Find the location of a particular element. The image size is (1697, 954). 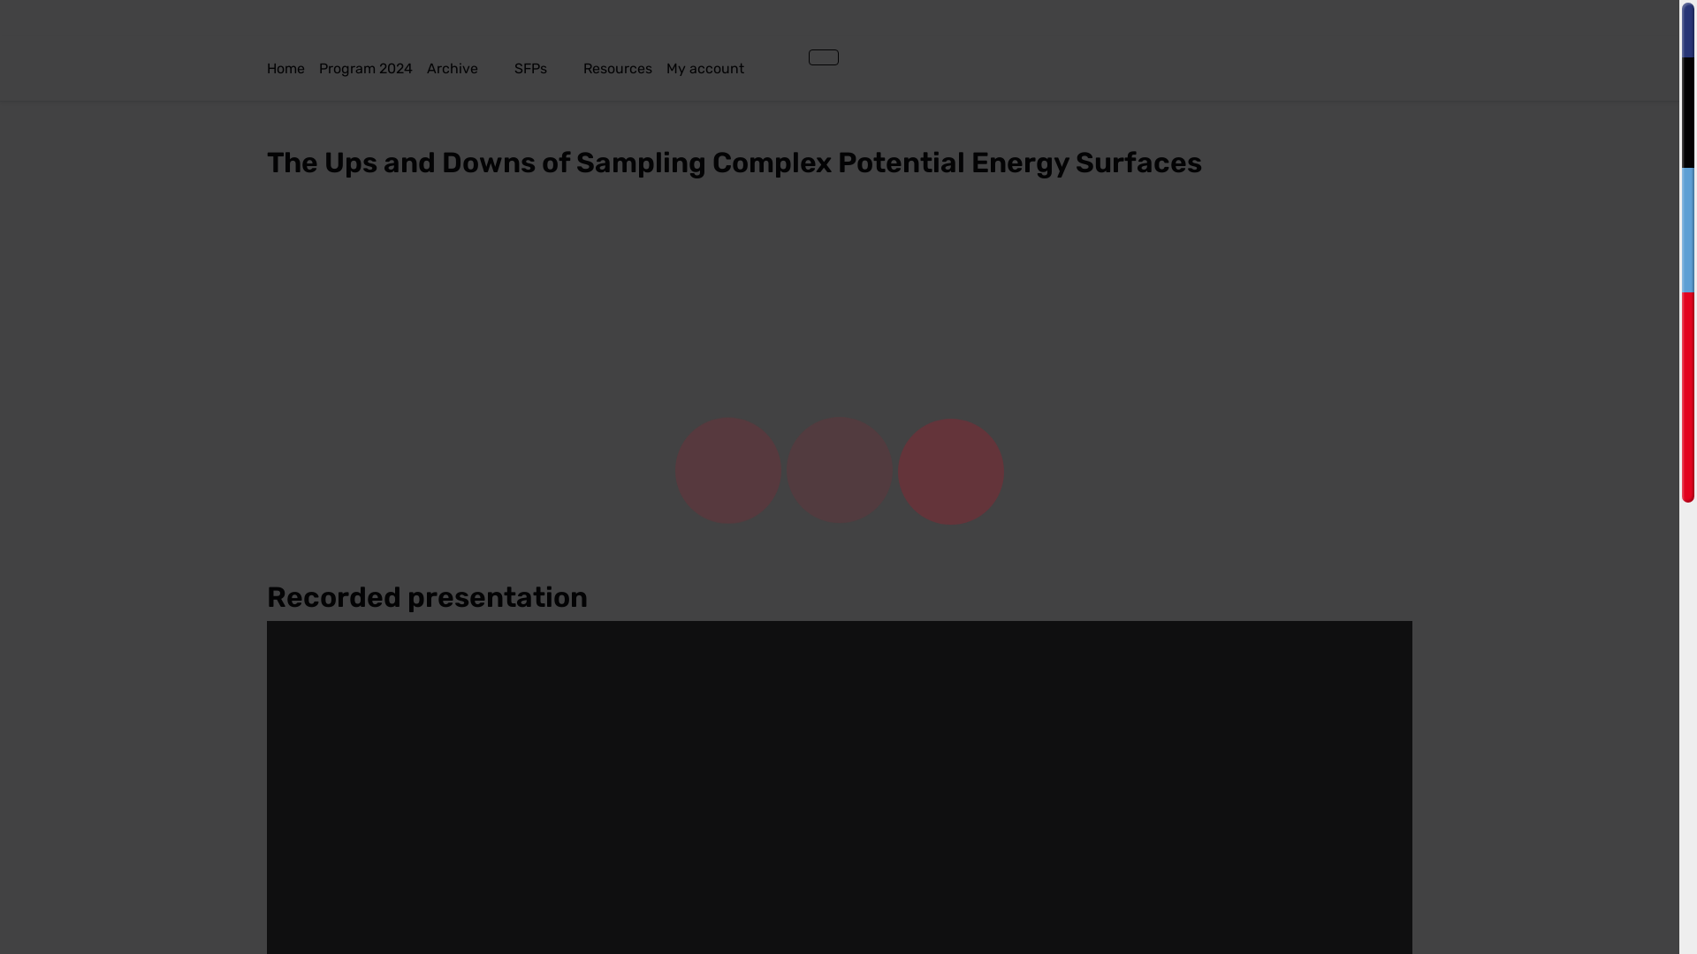

'Contact' is located at coordinates (787, 56).